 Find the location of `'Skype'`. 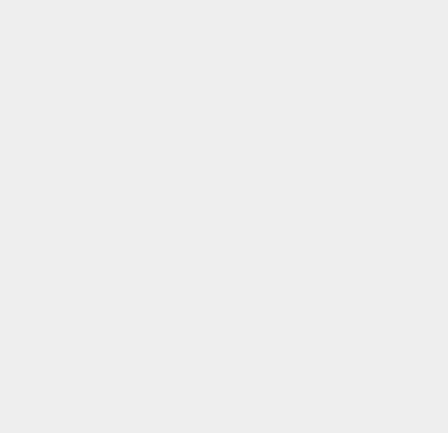

'Skype' is located at coordinates (324, 324).